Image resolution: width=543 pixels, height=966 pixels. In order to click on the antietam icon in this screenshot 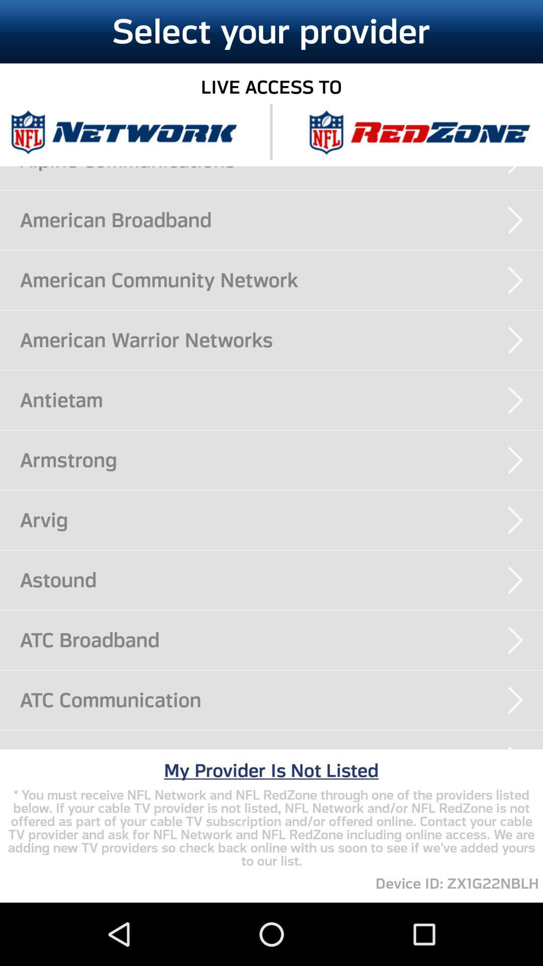, I will do `click(281, 399)`.